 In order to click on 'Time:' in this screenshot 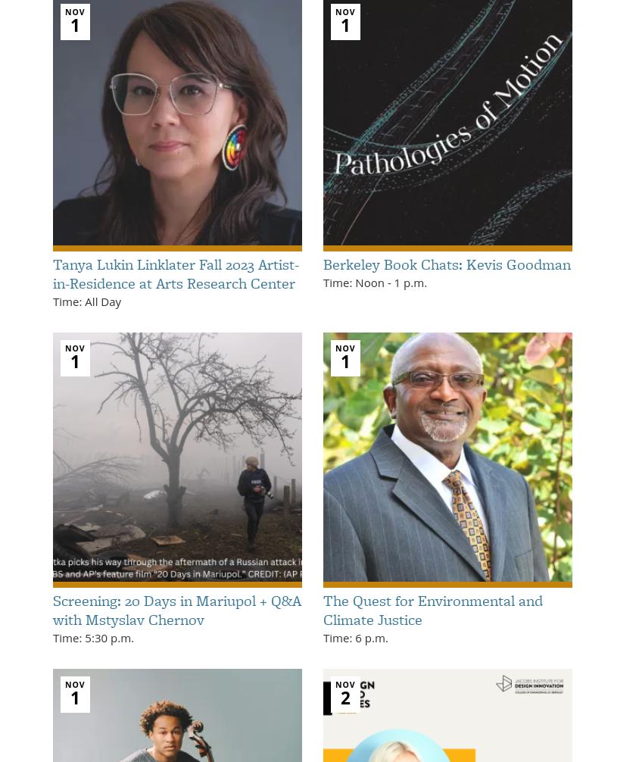, I will do `click(68, 299)`.